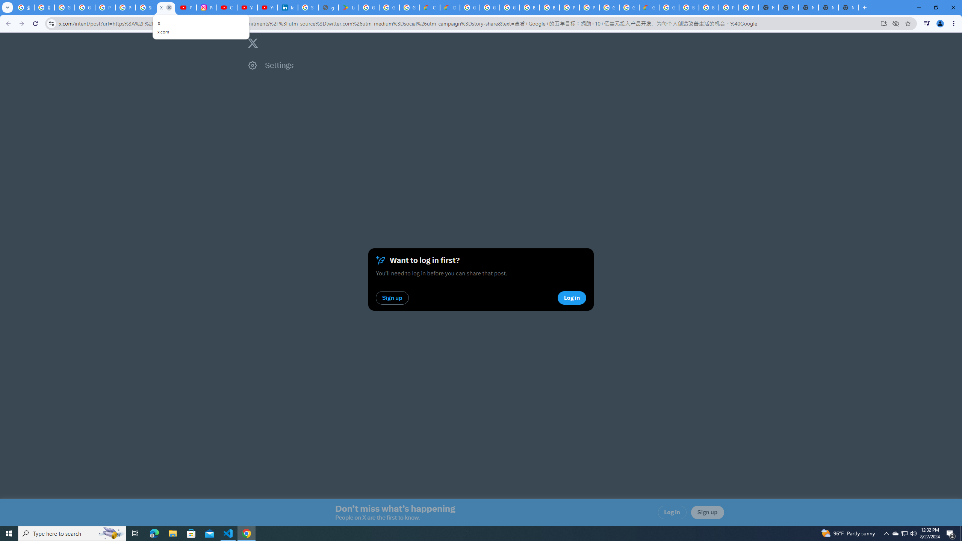 This screenshot has height=541, width=962. I want to click on 'YouTube Culture & Trends - YouTube Top 10, 2021', so click(267, 7).